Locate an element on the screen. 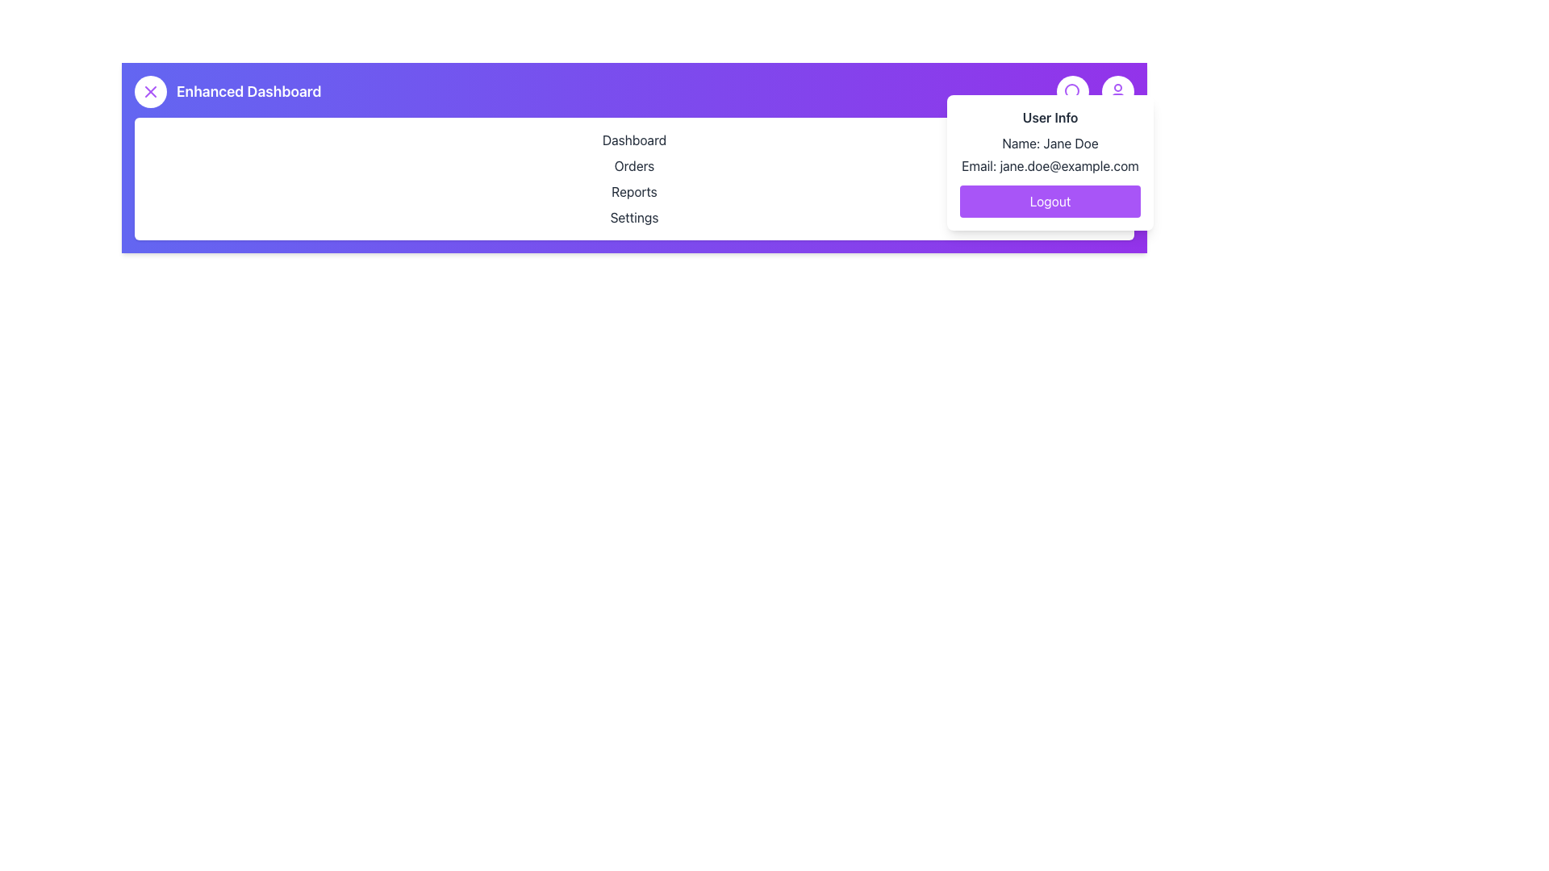  displayed user information from the Informational Panel, which features a white background, rounded corners, and contains user details such as 'User Info', 'Name: Jane Doe', and 'Email: jane.doe@example.com' is located at coordinates (1050, 162).